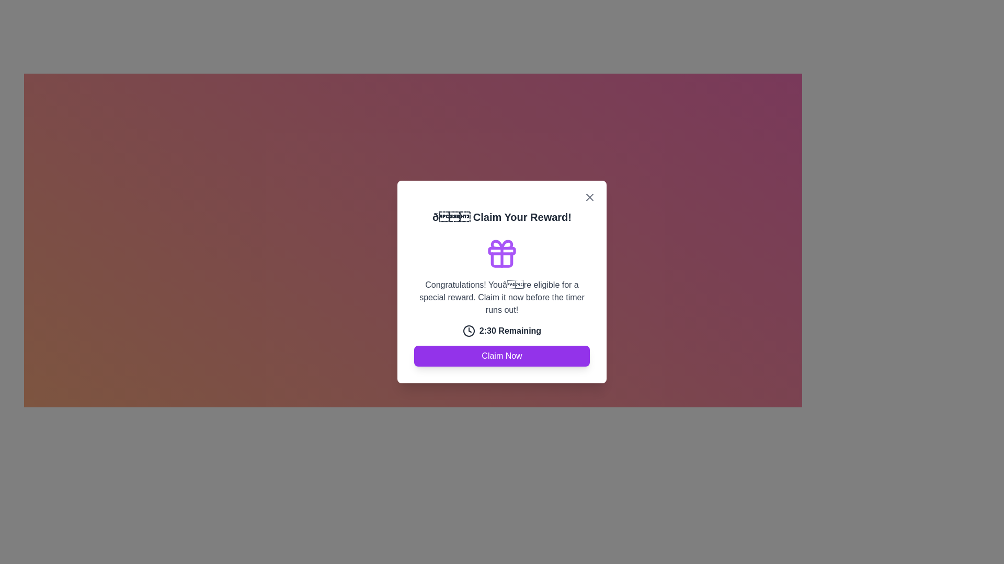  Describe the element at coordinates (468, 331) in the screenshot. I see `the SVG circle graphic that forms the outermost component of the clock icon, located above the countdown timer` at that location.